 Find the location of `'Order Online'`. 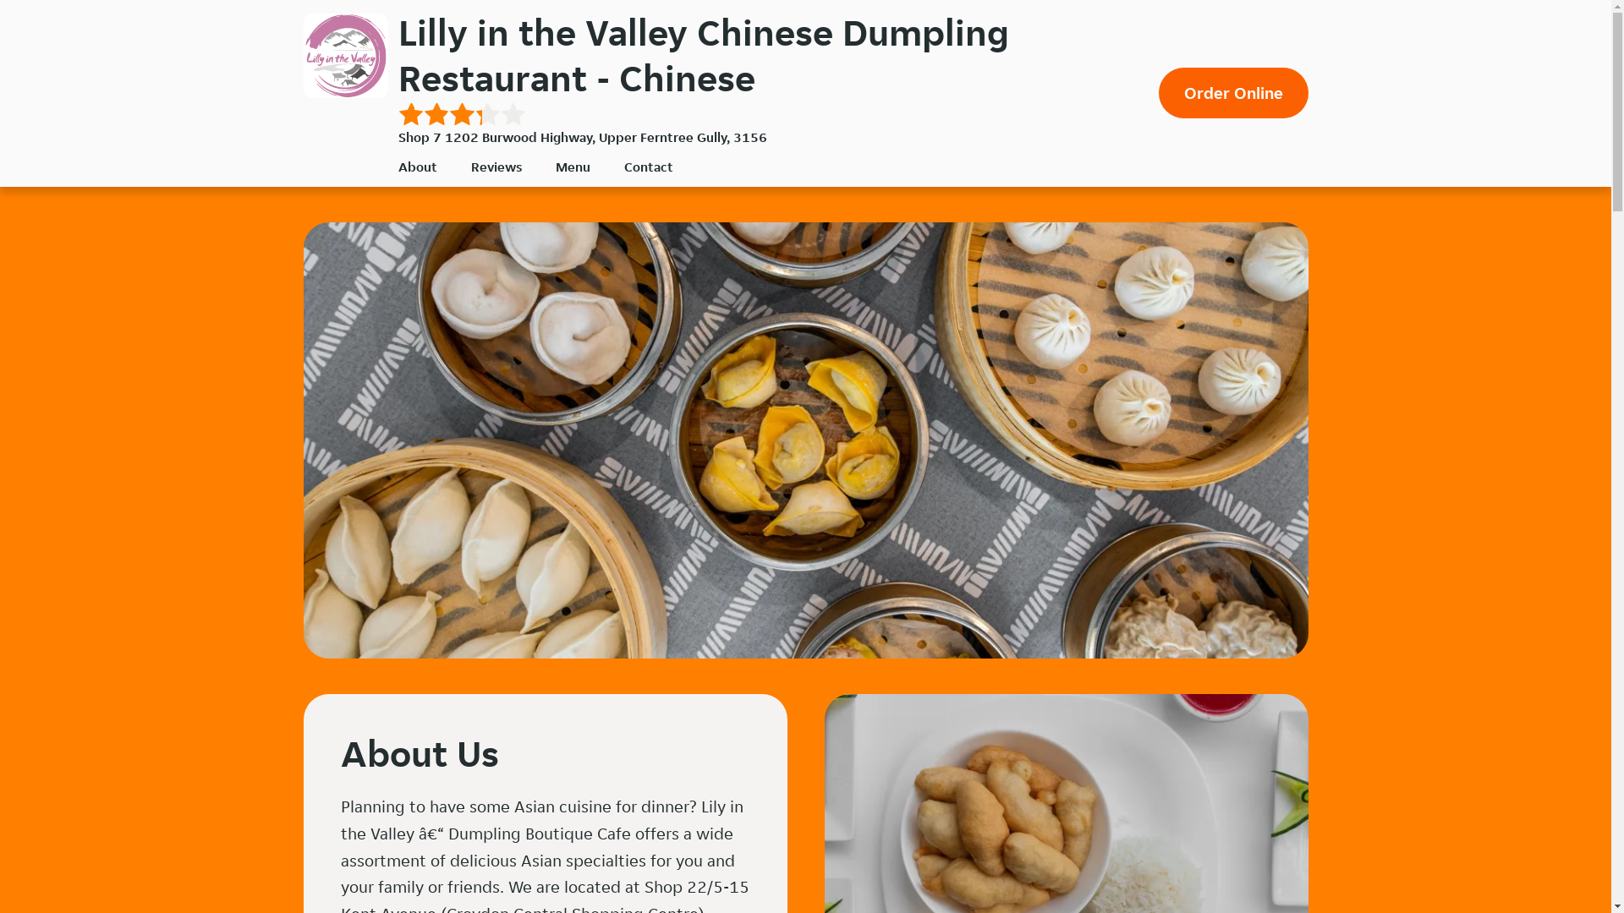

'Order Online' is located at coordinates (1233, 93).